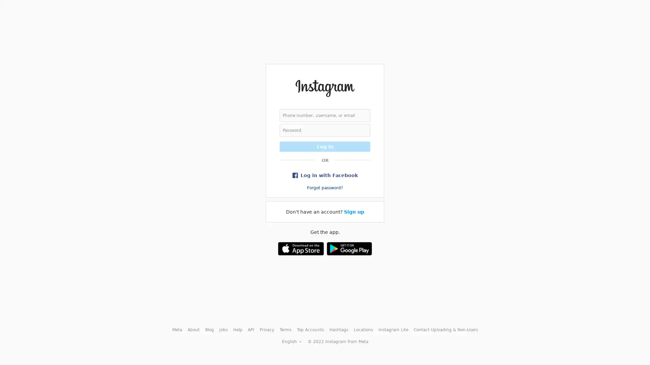 This screenshot has height=365, width=650. Describe the element at coordinates (325, 146) in the screenshot. I see `Log In` at that location.